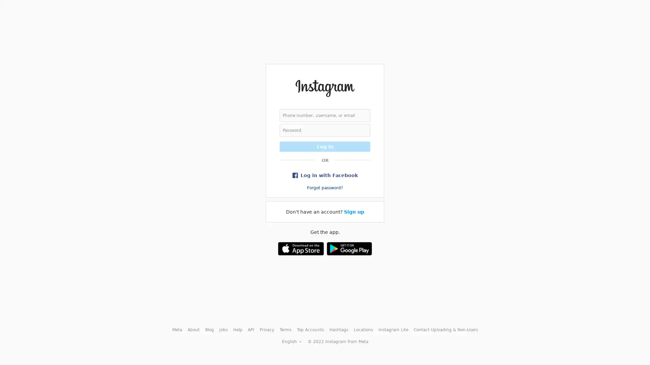 This screenshot has height=365, width=650. Describe the element at coordinates (325, 146) in the screenshot. I see `Log In` at that location.